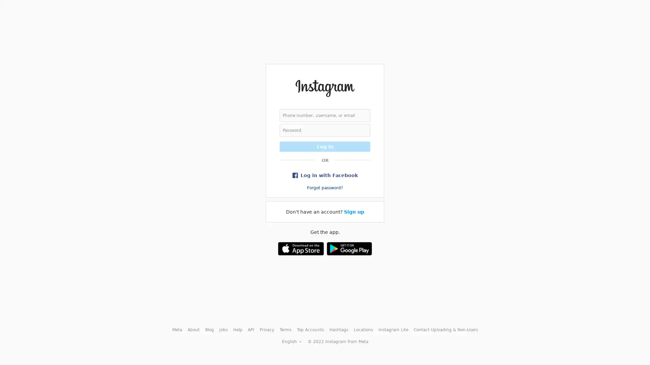 This screenshot has height=365, width=650. Describe the element at coordinates (325, 146) in the screenshot. I see `Log In` at that location.